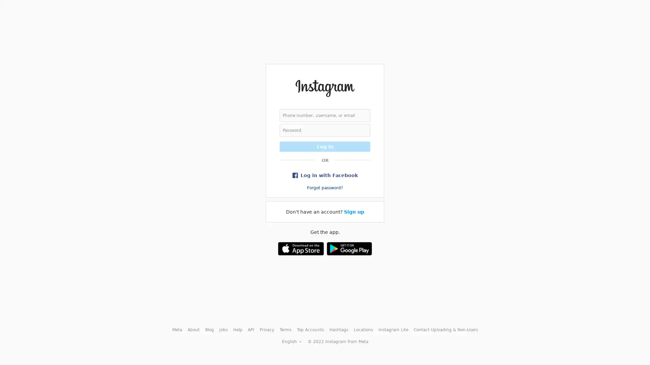 This screenshot has height=365, width=650. Describe the element at coordinates (325, 146) in the screenshot. I see `Log In` at that location.